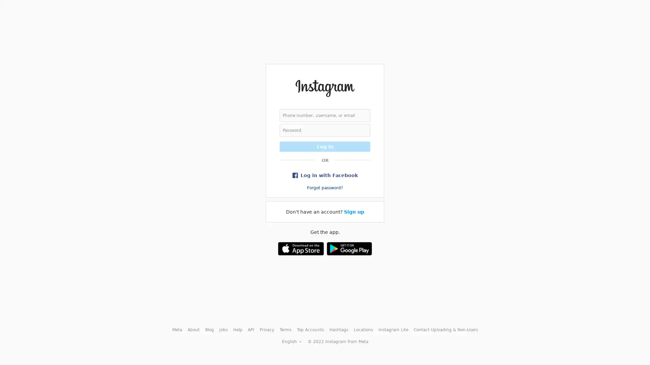 This screenshot has height=365, width=650. Describe the element at coordinates (325, 146) in the screenshot. I see `Log In` at that location.